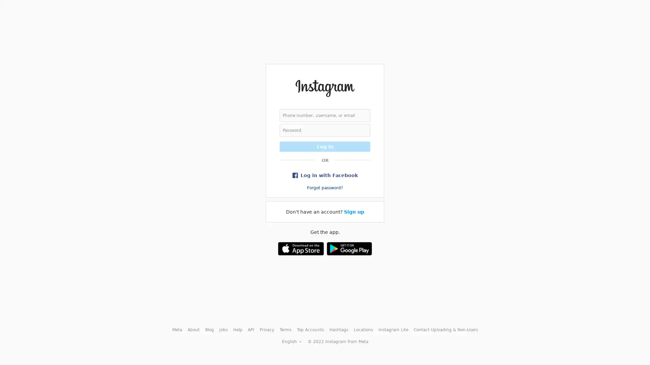 This screenshot has height=365, width=650. Describe the element at coordinates (325, 146) in the screenshot. I see `Log In` at that location.